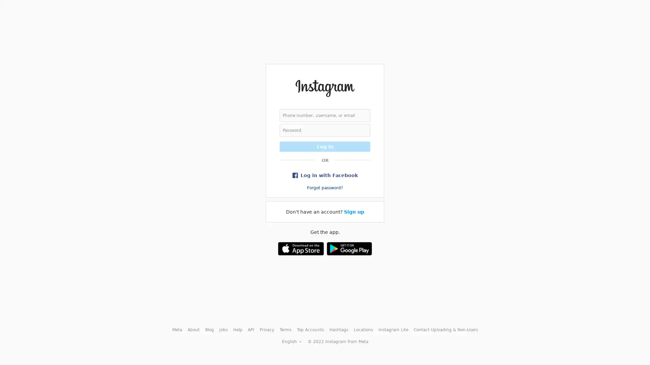 This screenshot has height=365, width=650. Describe the element at coordinates (325, 146) in the screenshot. I see `Log In` at that location.